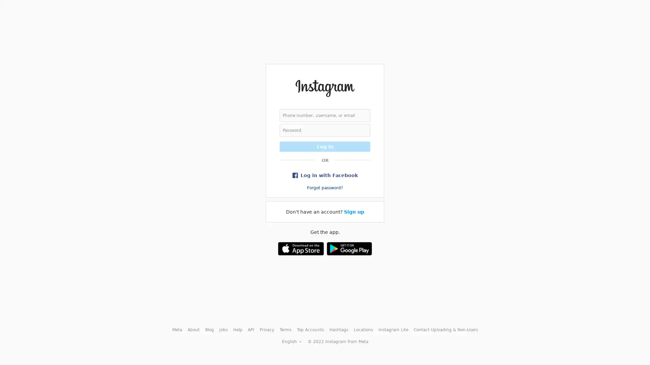 This screenshot has height=365, width=650. Describe the element at coordinates (325, 146) in the screenshot. I see `Log In` at that location.